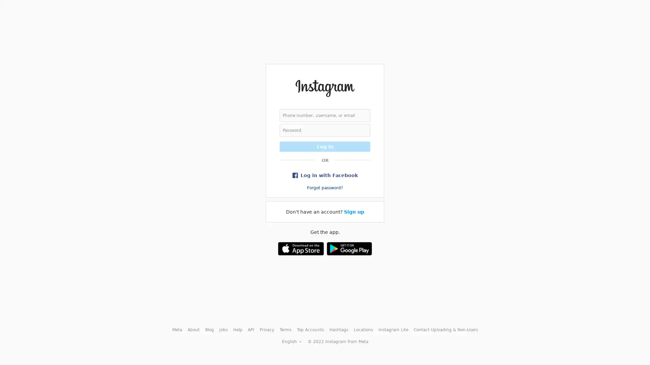 This screenshot has height=365, width=650. Describe the element at coordinates (325, 146) in the screenshot. I see `Log In` at that location.